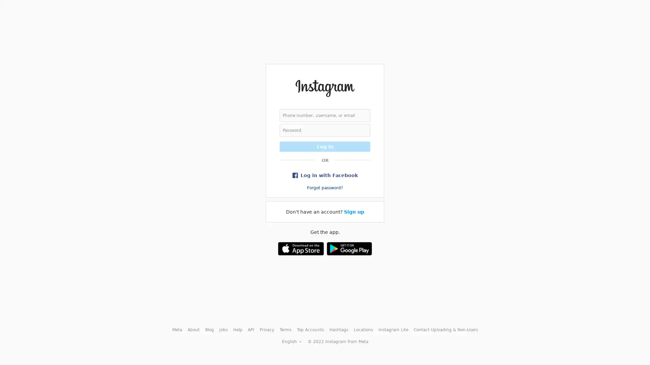 This screenshot has height=365, width=650. Describe the element at coordinates (325, 146) in the screenshot. I see `Log In` at that location.